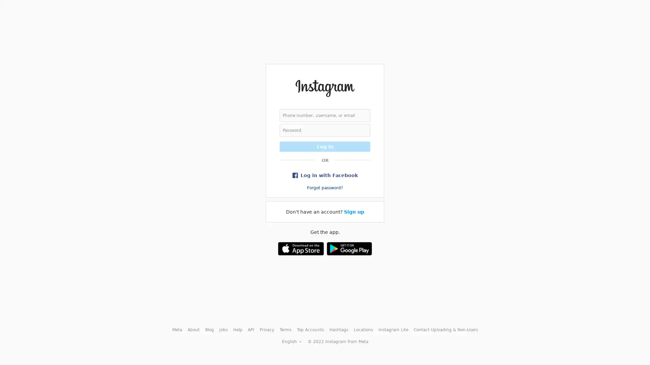 This screenshot has height=365, width=650. Describe the element at coordinates (325, 146) in the screenshot. I see `Log In` at that location.